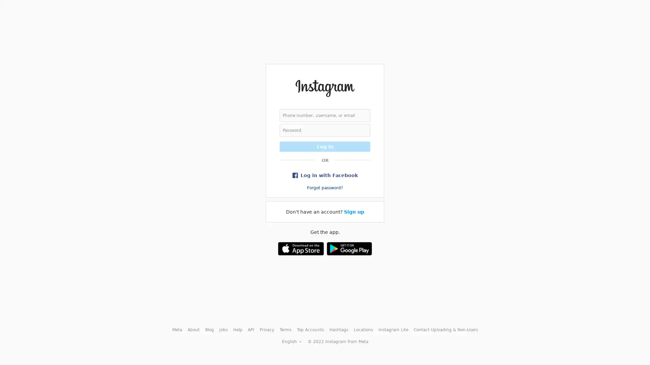 This screenshot has height=365, width=650. Describe the element at coordinates (325, 146) in the screenshot. I see `Log In` at that location.